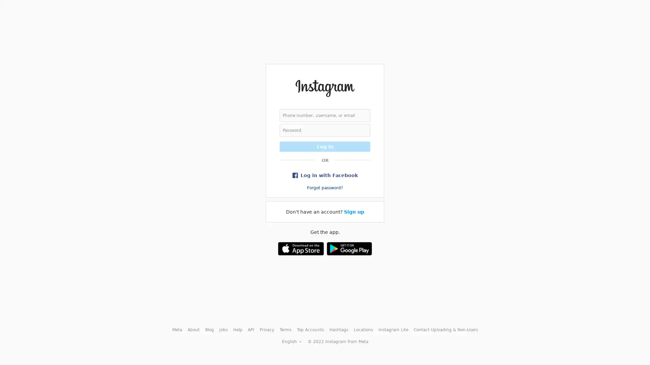 This screenshot has height=365, width=650. Describe the element at coordinates (325, 146) in the screenshot. I see `Log In` at that location.